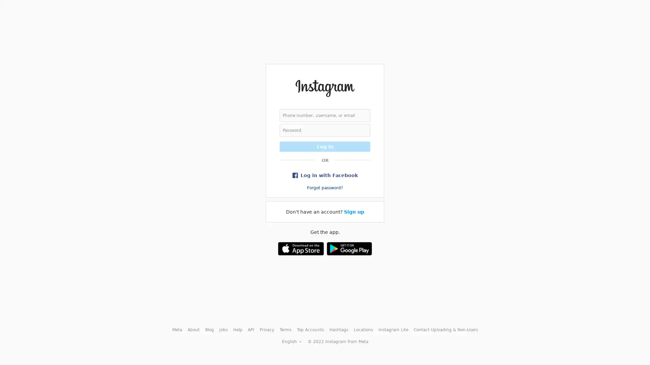 This screenshot has height=365, width=650. Describe the element at coordinates (325, 146) in the screenshot. I see `Log In` at that location.